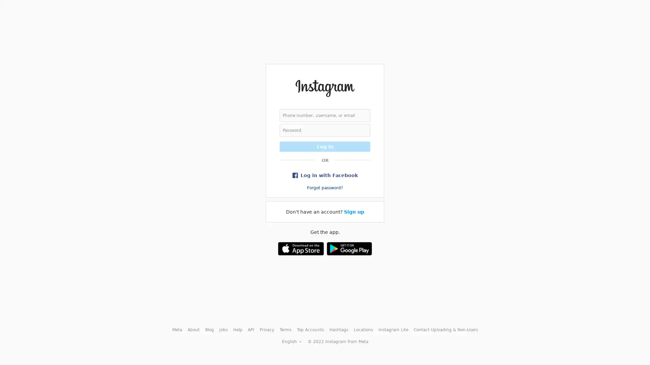 This screenshot has height=365, width=650. Describe the element at coordinates (325, 146) in the screenshot. I see `Log In` at that location.